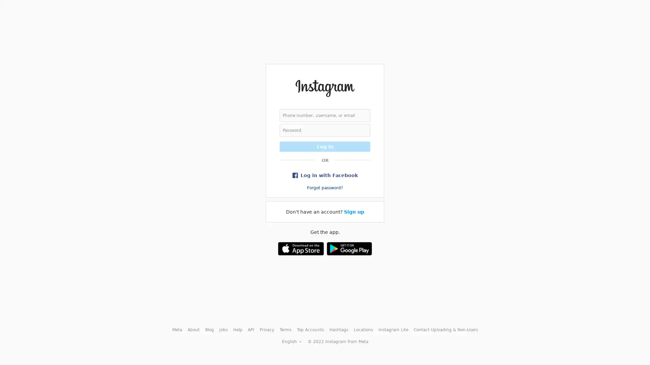 This screenshot has height=365, width=650. Describe the element at coordinates (325, 146) in the screenshot. I see `Log In` at that location.